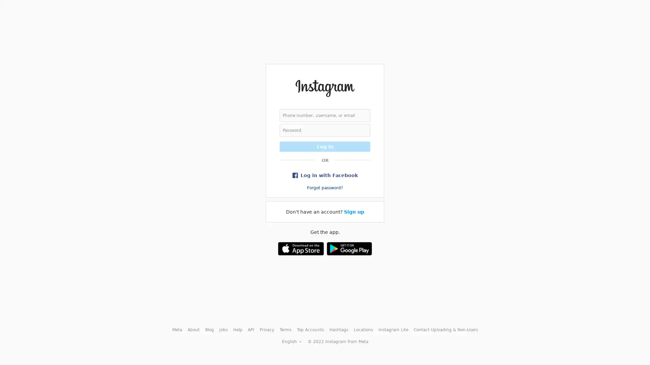 This screenshot has height=365, width=650. Describe the element at coordinates (325, 146) in the screenshot. I see `Log In` at that location.